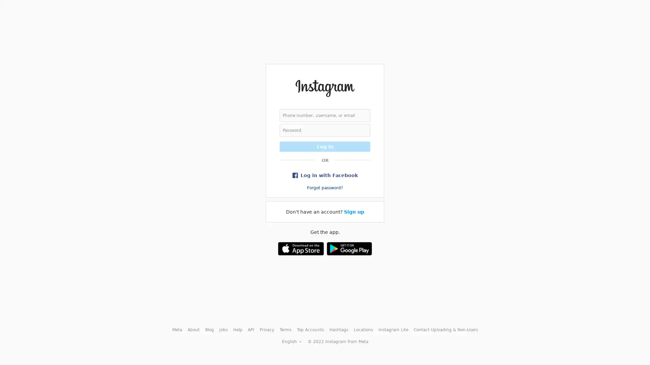 This screenshot has height=365, width=650. Describe the element at coordinates (325, 146) in the screenshot. I see `Log In` at that location.